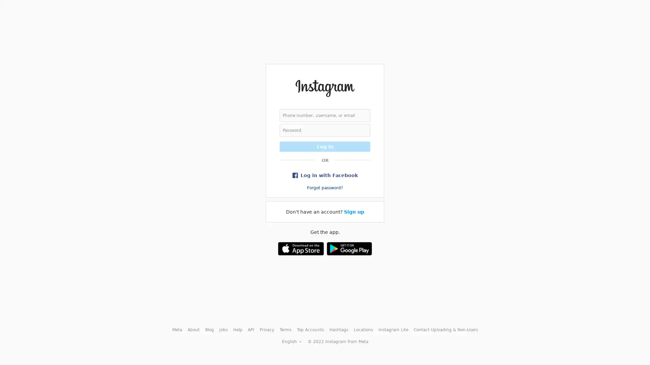 This screenshot has height=365, width=650. Describe the element at coordinates (325, 146) in the screenshot. I see `Log In` at that location.